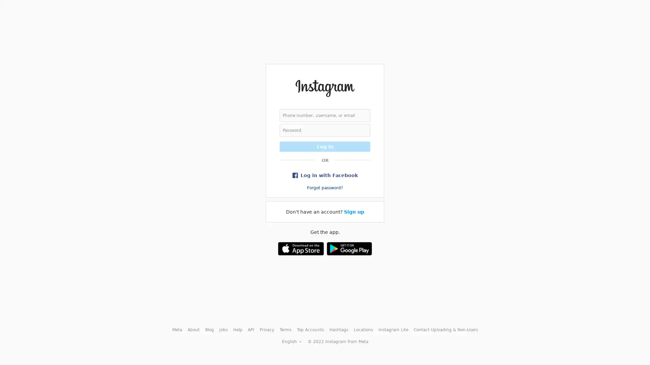 This screenshot has height=365, width=650. Describe the element at coordinates (325, 146) in the screenshot. I see `Log In` at that location.